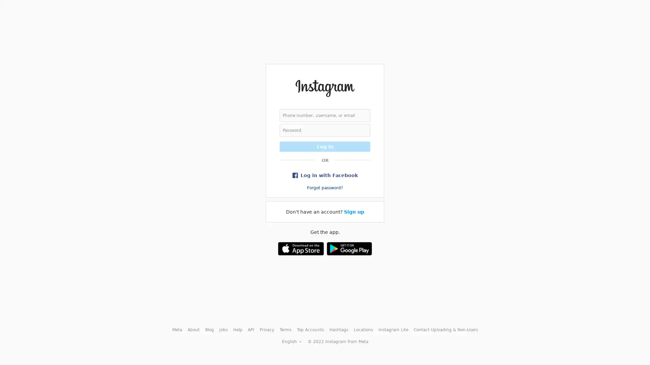 This screenshot has height=365, width=650. Describe the element at coordinates (325, 146) in the screenshot. I see `Log In` at that location.